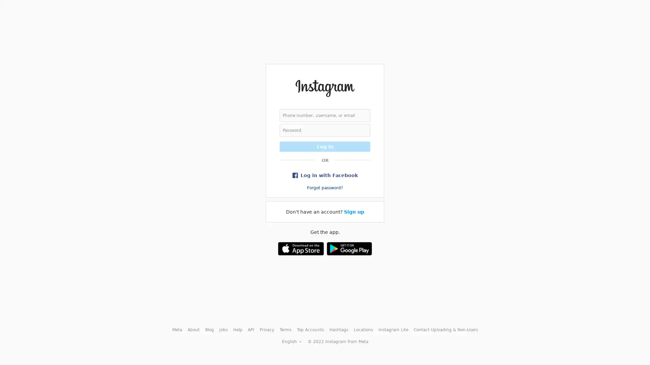 This screenshot has height=365, width=650. Describe the element at coordinates (325, 146) in the screenshot. I see `Log In` at that location.